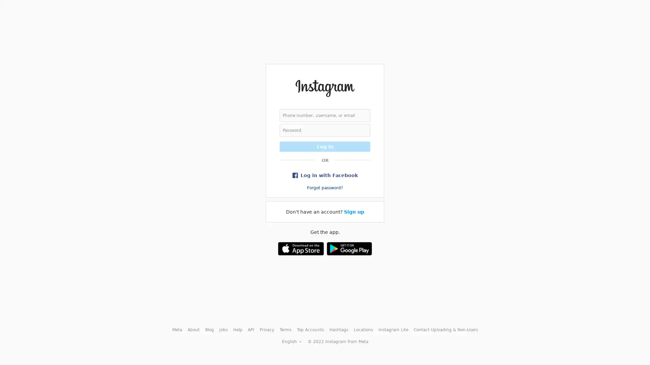 This screenshot has height=365, width=650. Describe the element at coordinates (325, 146) in the screenshot. I see `Log In` at that location.